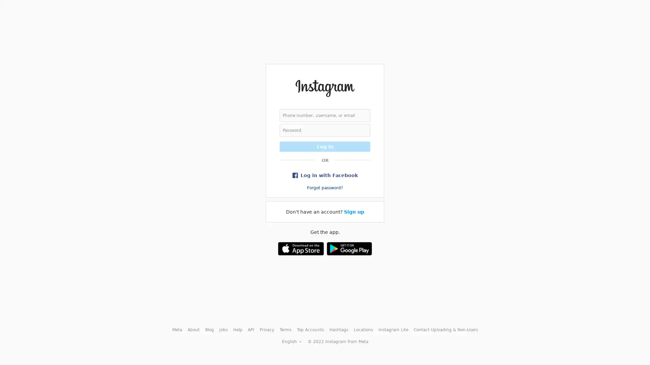 This screenshot has height=365, width=650. Describe the element at coordinates (325, 146) in the screenshot. I see `Log In` at that location.